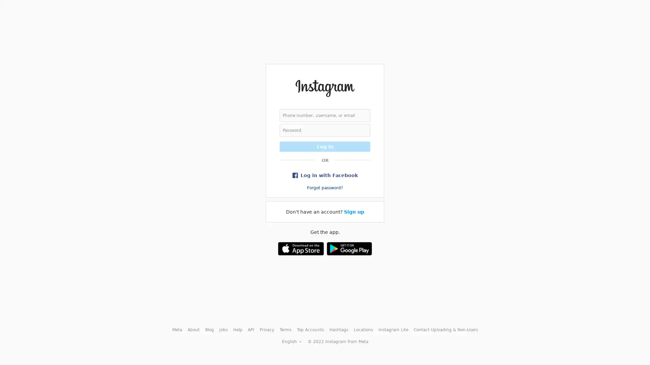 This screenshot has height=365, width=650. Describe the element at coordinates (325, 146) in the screenshot. I see `Log In` at that location.